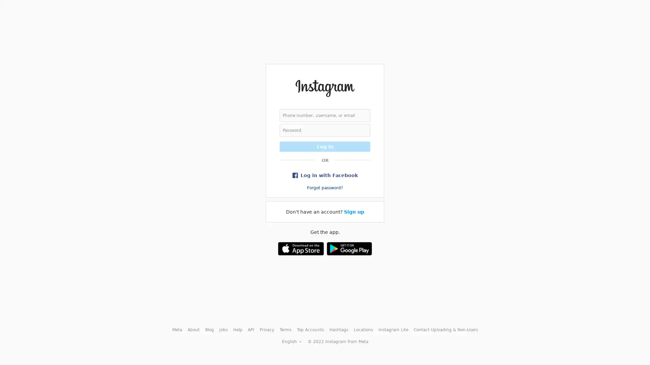 This screenshot has height=365, width=650. Describe the element at coordinates (325, 146) in the screenshot. I see `Log In` at that location.